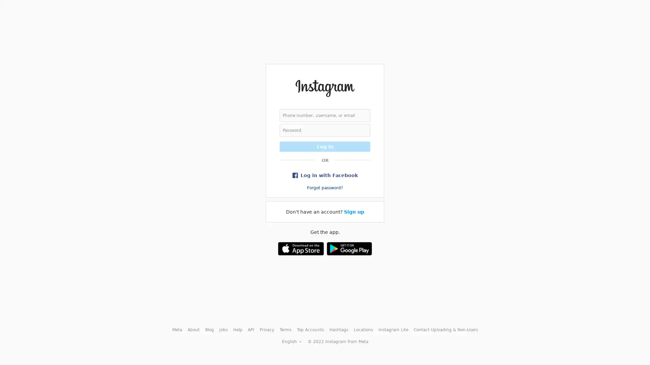 This screenshot has height=365, width=650. Describe the element at coordinates (325, 146) in the screenshot. I see `Log In` at that location.